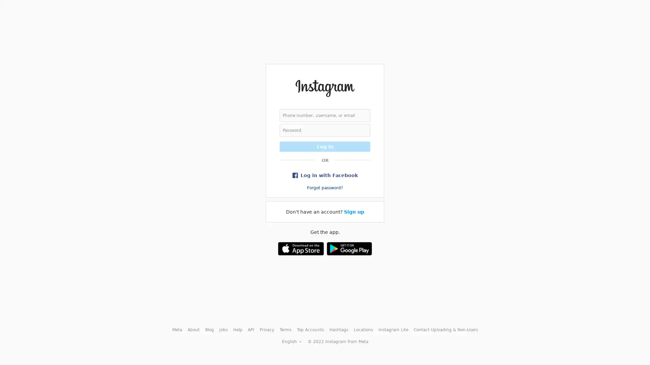 This screenshot has height=365, width=650. Describe the element at coordinates (325, 146) in the screenshot. I see `Log In` at that location.